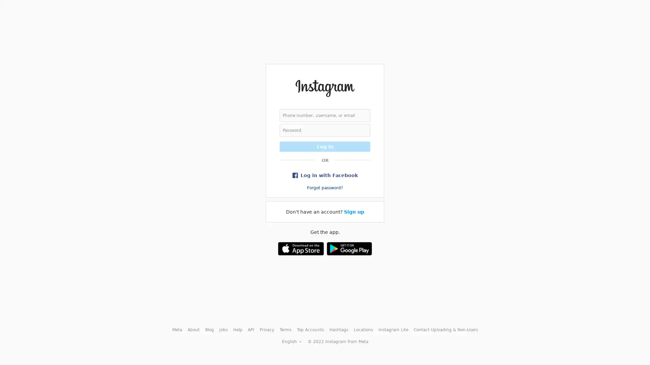 This screenshot has height=365, width=650. Describe the element at coordinates (325, 146) in the screenshot. I see `Log In` at that location.